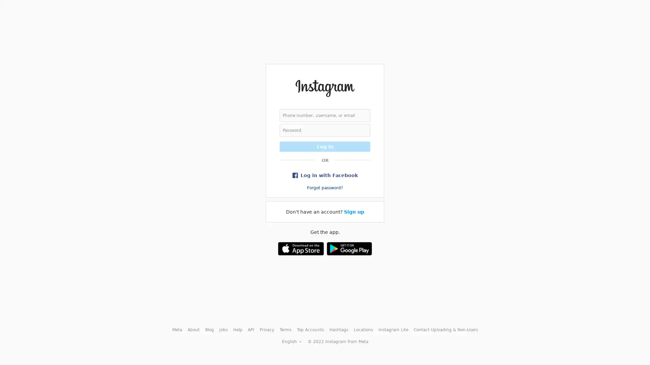 This screenshot has height=365, width=650. Describe the element at coordinates (325, 146) in the screenshot. I see `Log In` at that location.